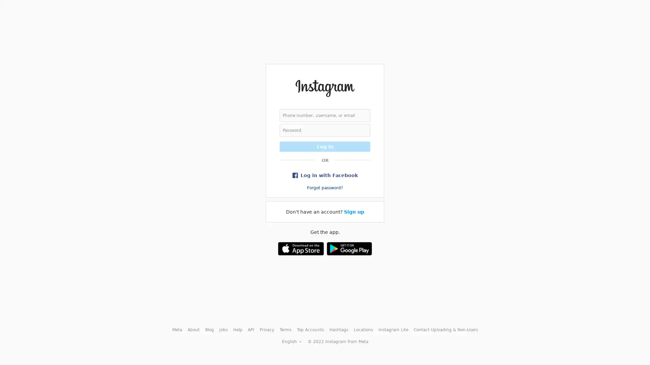 This screenshot has height=365, width=650. Describe the element at coordinates (325, 146) in the screenshot. I see `Log In` at that location.